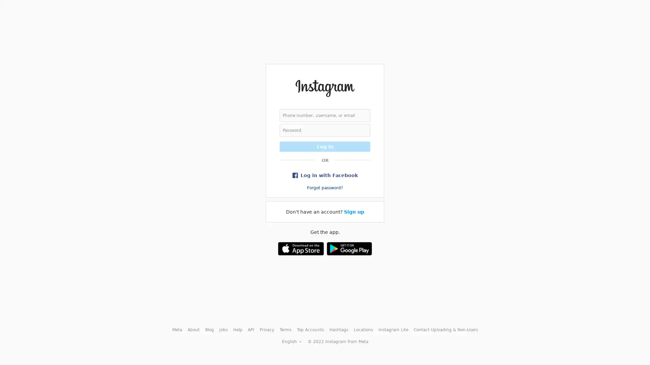 This screenshot has height=365, width=650. Describe the element at coordinates (325, 146) in the screenshot. I see `Log In` at that location.